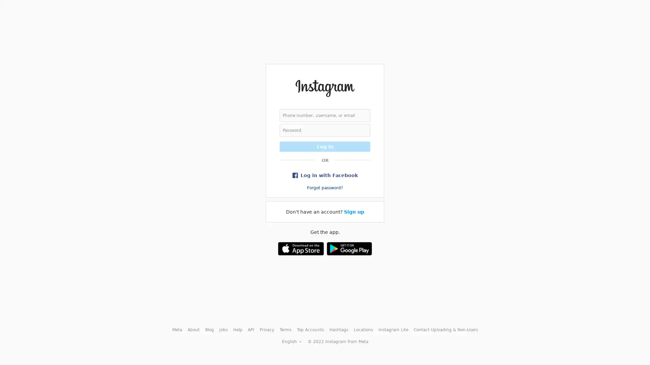 This screenshot has height=365, width=650. Describe the element at coordinates (325, 146) in the screenshot. I see `Log In` at that location.